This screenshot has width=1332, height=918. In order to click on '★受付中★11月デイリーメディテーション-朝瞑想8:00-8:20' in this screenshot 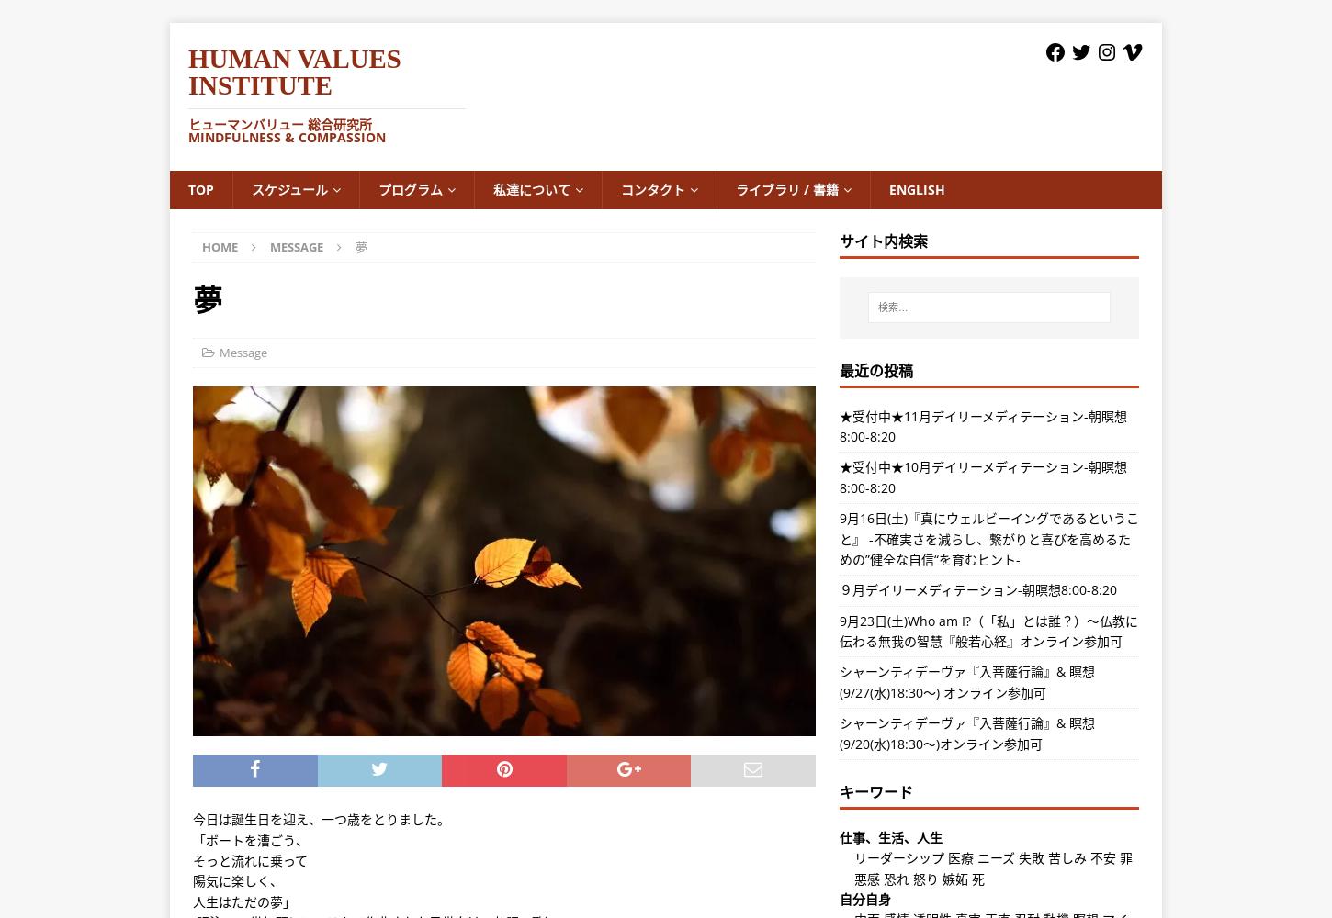, I will do `click(982, 424)`.